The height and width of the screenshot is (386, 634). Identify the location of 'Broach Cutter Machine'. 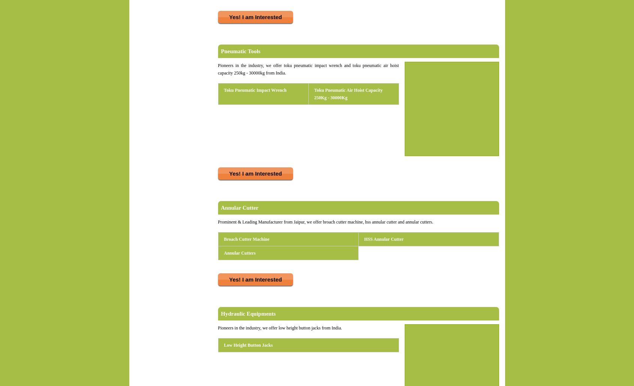
(247, 239).